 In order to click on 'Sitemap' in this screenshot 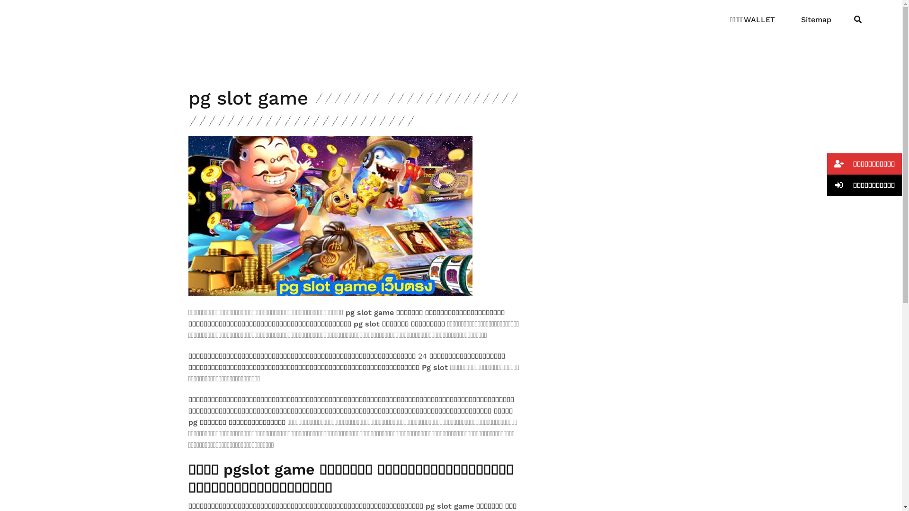, I will do `click(800, 20)`.